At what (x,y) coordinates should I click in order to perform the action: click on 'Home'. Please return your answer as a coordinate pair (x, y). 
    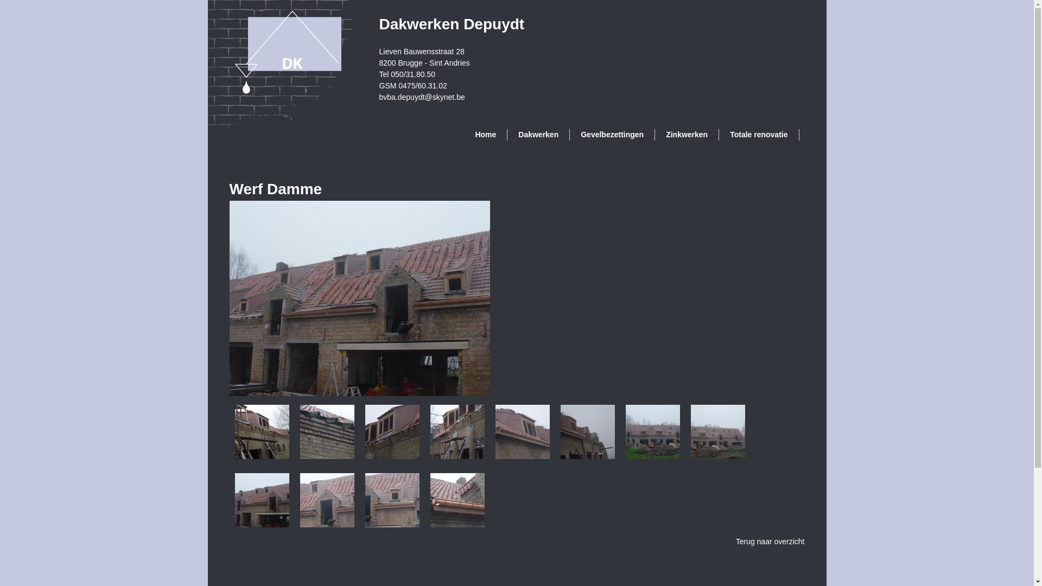
    Looking at the image, I should click on (485, 134).